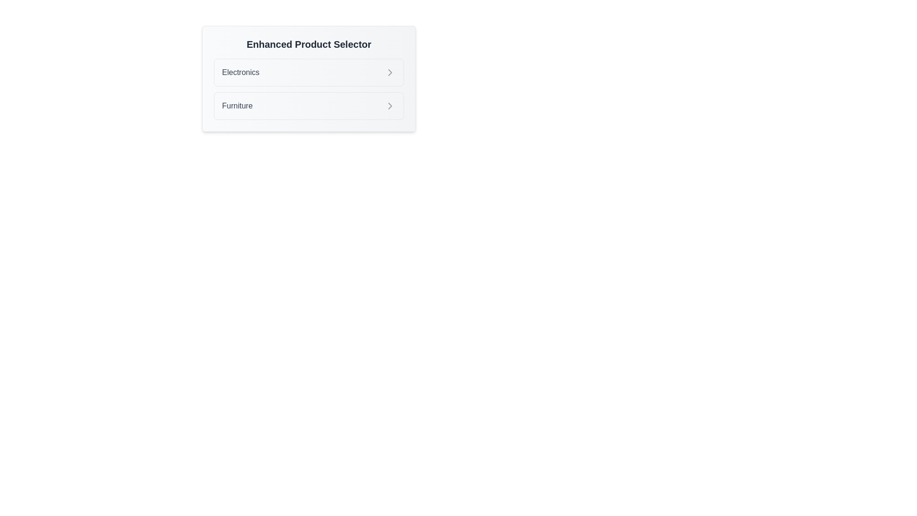 This screenshot has width=917, height=516. I want to click on the second item in the vertically stacked list of buttons titled 'Enhanced Product Selector', which navigates to the 'Furniture' category, so click(309, 106).